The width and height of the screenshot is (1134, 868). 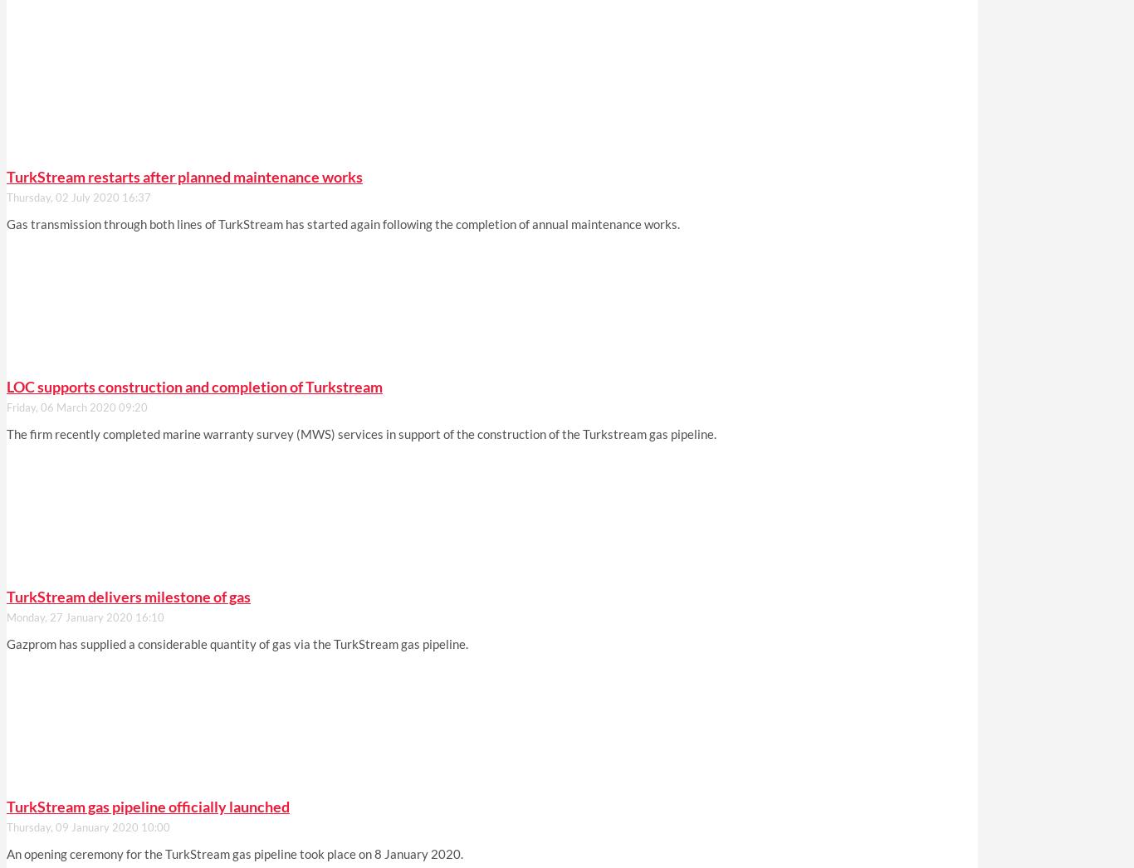 I want to click on 'TurkStream delivers milestone of gas', so click(x=7, y=597).